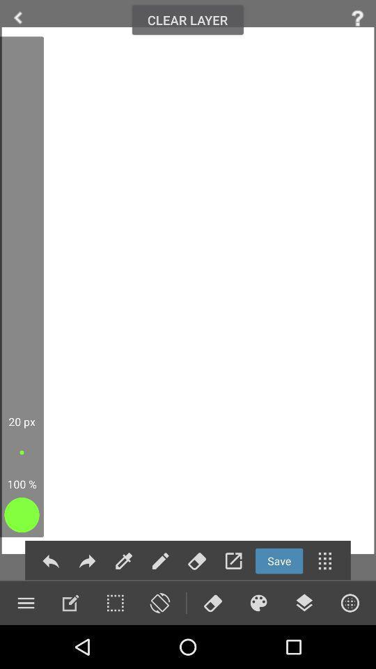  I want to click on browers option, so click(349, 602).